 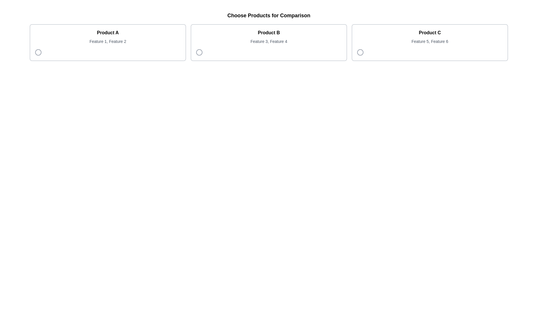 What do you see at coordinates (108, 42) in the screenshot?
I see `the selectable card titled 'Product A' in the comparison interface` at bounding box center [108, 42].